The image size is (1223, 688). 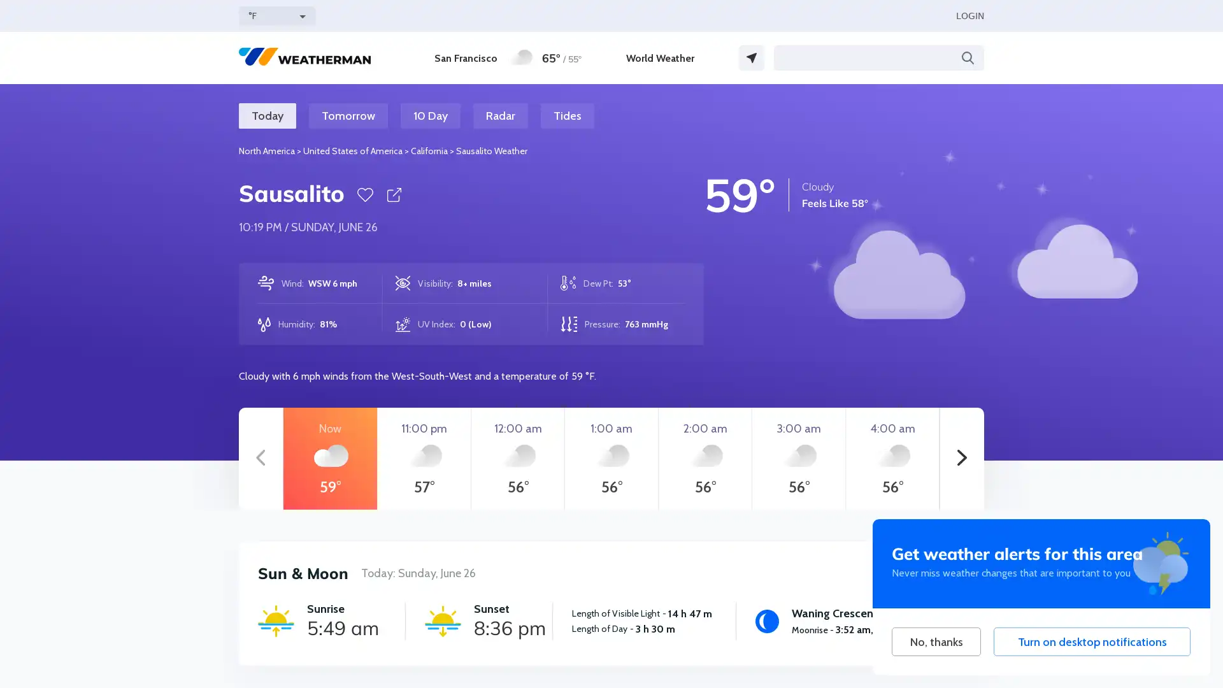 I want to click on Turn on desktop notifications, so click(x=1091, y=641).